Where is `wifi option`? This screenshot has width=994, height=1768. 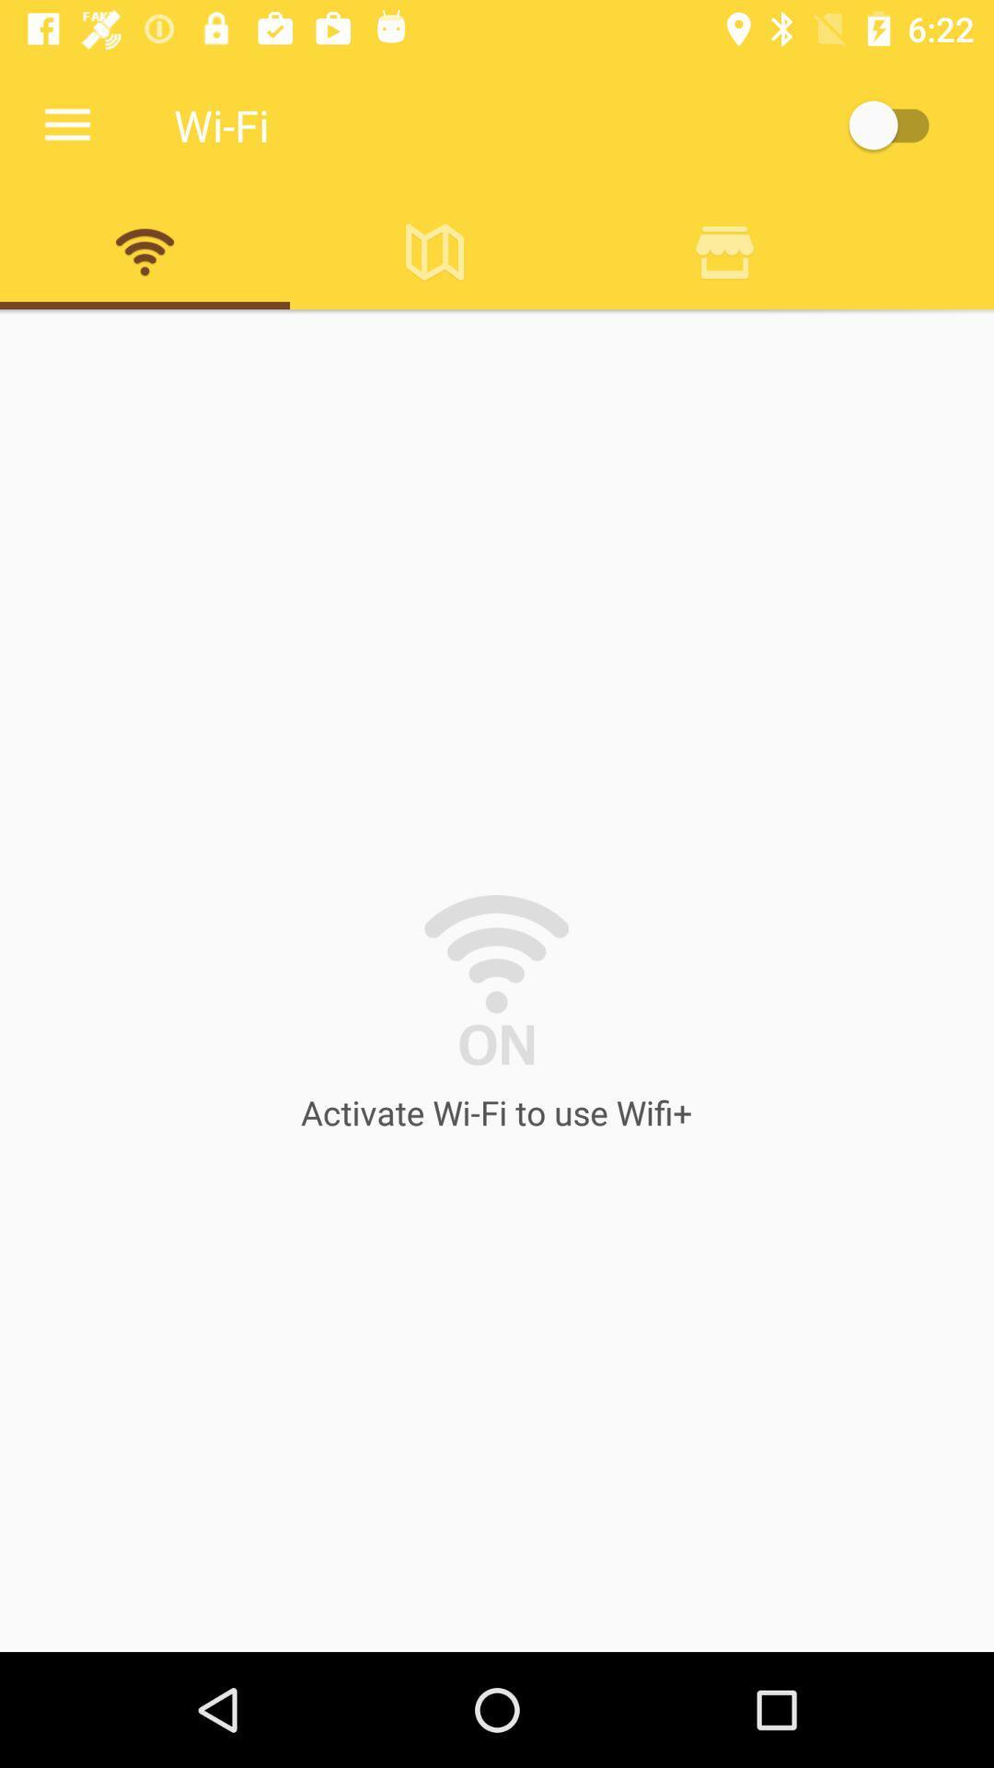 wifi option is located at coordinates (144, 250).